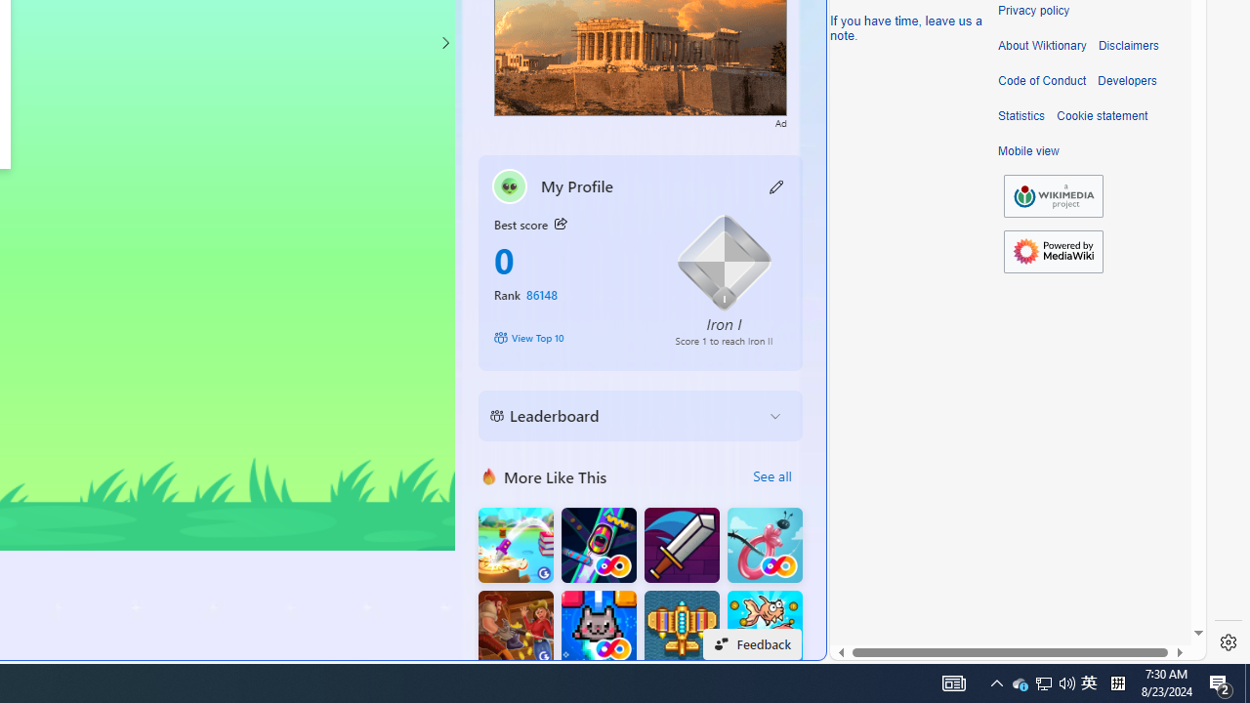 The width and height of the screenshot is (1250, 703). What do you see at coordinates (510, 186) in the screenshot?
I see `'""'` at bounding box center [510, 186].